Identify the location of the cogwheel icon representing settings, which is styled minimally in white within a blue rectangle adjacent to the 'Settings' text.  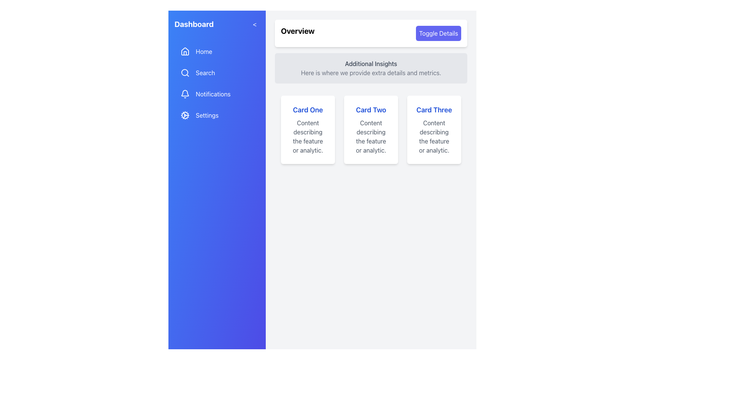
(185, 115).